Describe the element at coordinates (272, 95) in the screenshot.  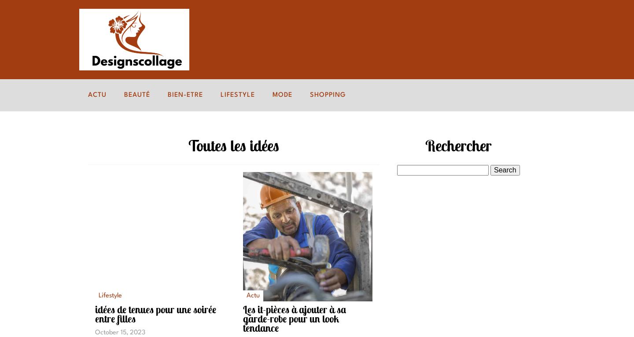
I see `'Mode'` at that location.